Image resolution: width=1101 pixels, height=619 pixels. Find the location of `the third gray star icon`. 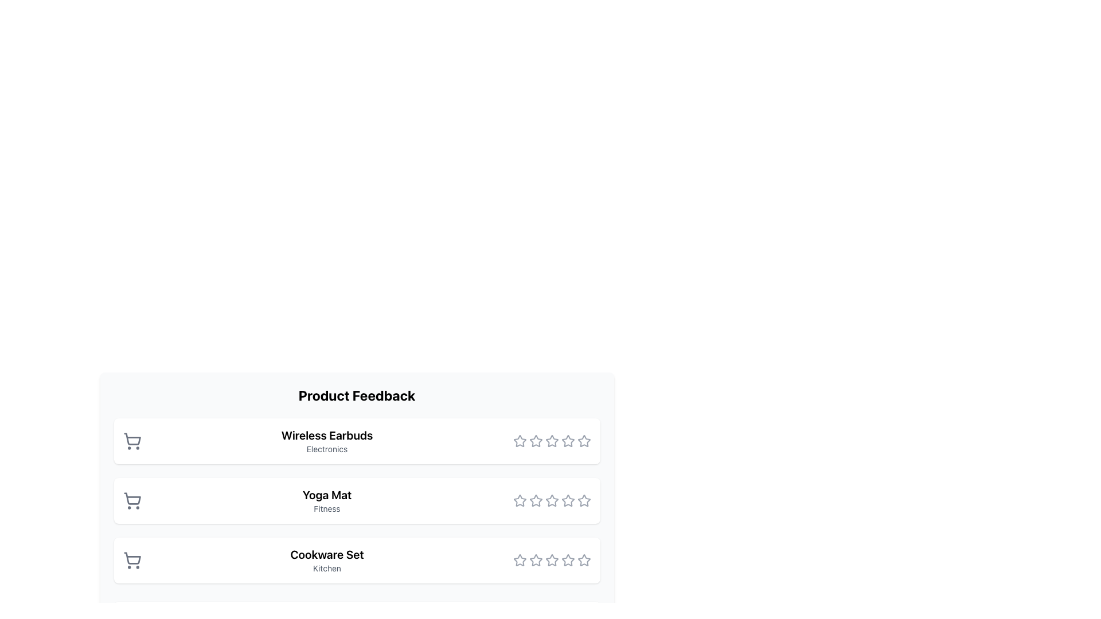

the third gray star icon is located at coordinates (535, 500).